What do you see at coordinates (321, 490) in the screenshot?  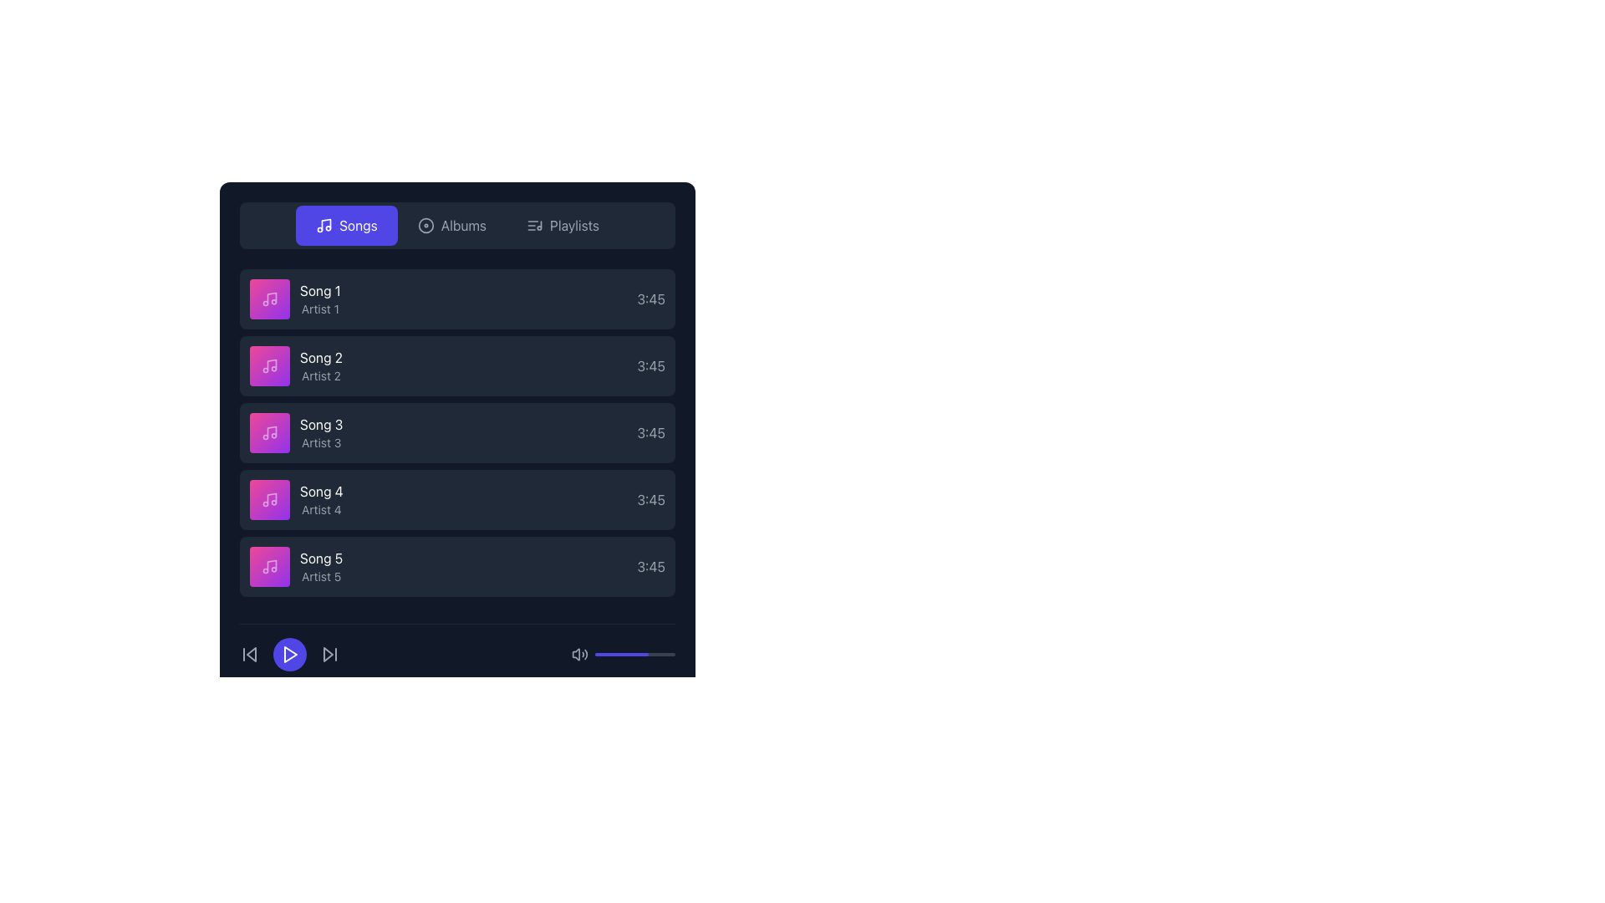 I see `text label displaying 'Song 4', which is styled with white text on a dark background and is the title text in the fourth tile from the top` at bounding box center [321, 490].